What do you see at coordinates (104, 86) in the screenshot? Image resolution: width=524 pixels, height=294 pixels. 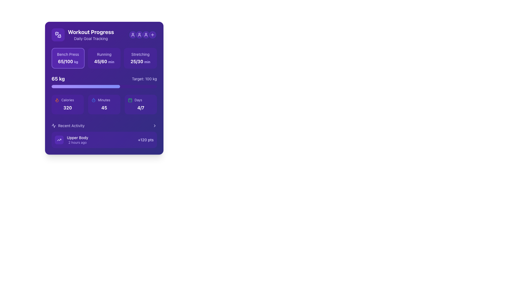 I see `the progress visually for the violet progress bar located below the text section displaying '65 kg' and 'Target: 100 kg.'` at bounding box center [104, 86].